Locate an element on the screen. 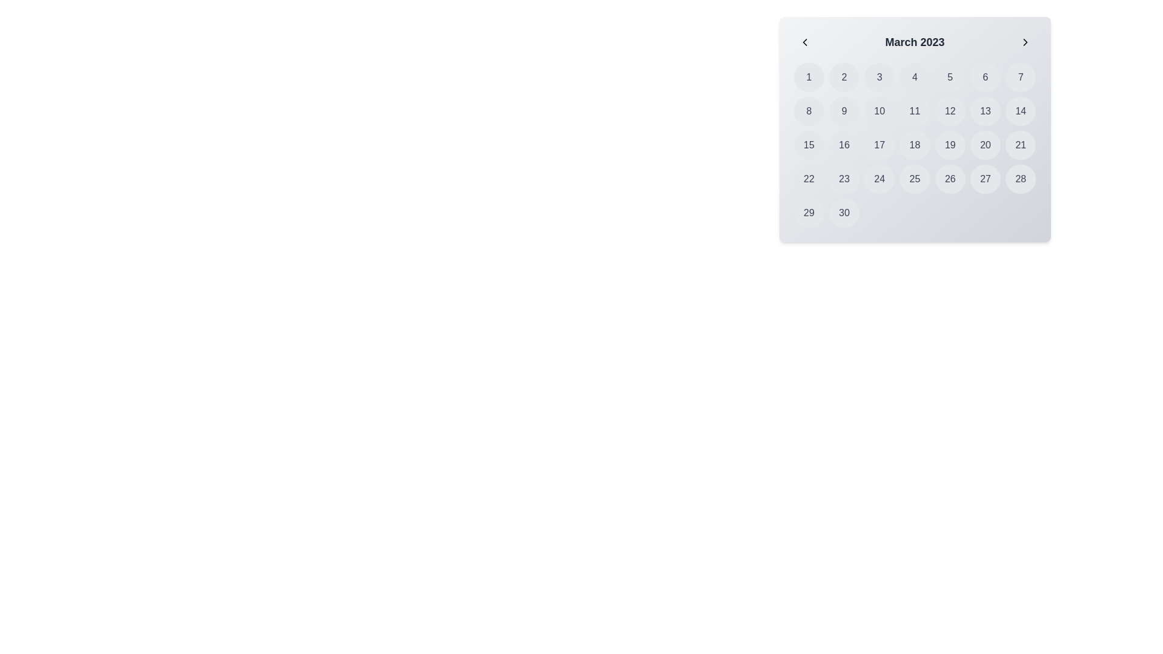 The height and width of the screenshot is (654, 1163). the small, circular button with a leftward-pointing chevron icon located on the left side of the header section of the calendar display, adjacent to 'March 2023' is located at coordinates (804, 41).